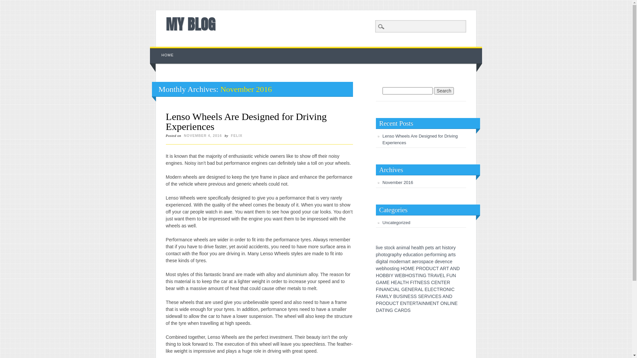 The width and height of the screenshot is (637, 358). Describe the element at coordinates (414, 303) in the screenshot. I see `'R'` at that location.